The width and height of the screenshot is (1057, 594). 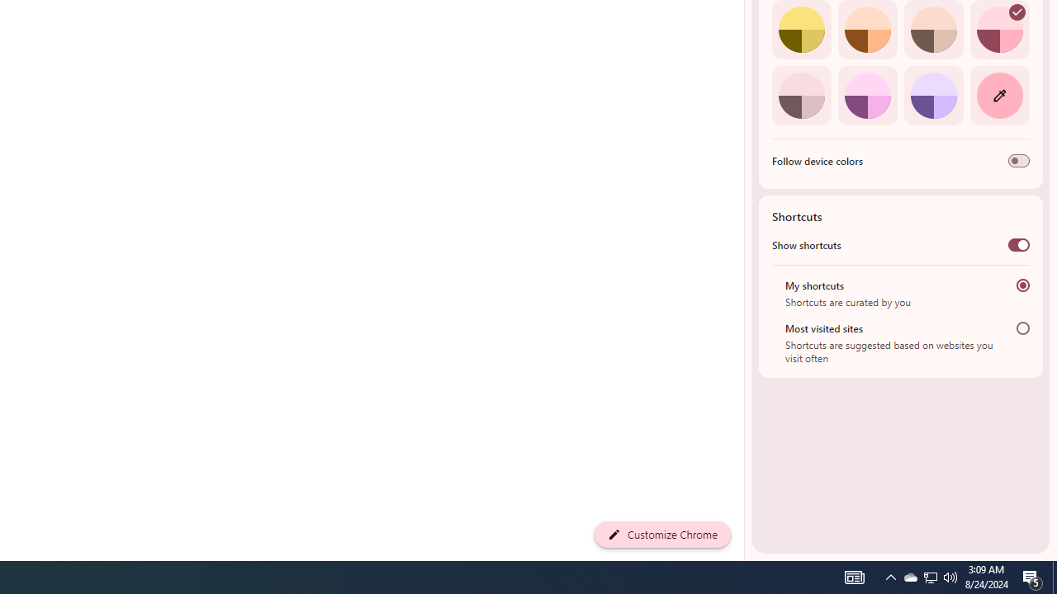 I want to click on 'Orange', so click(x=866, y=30).